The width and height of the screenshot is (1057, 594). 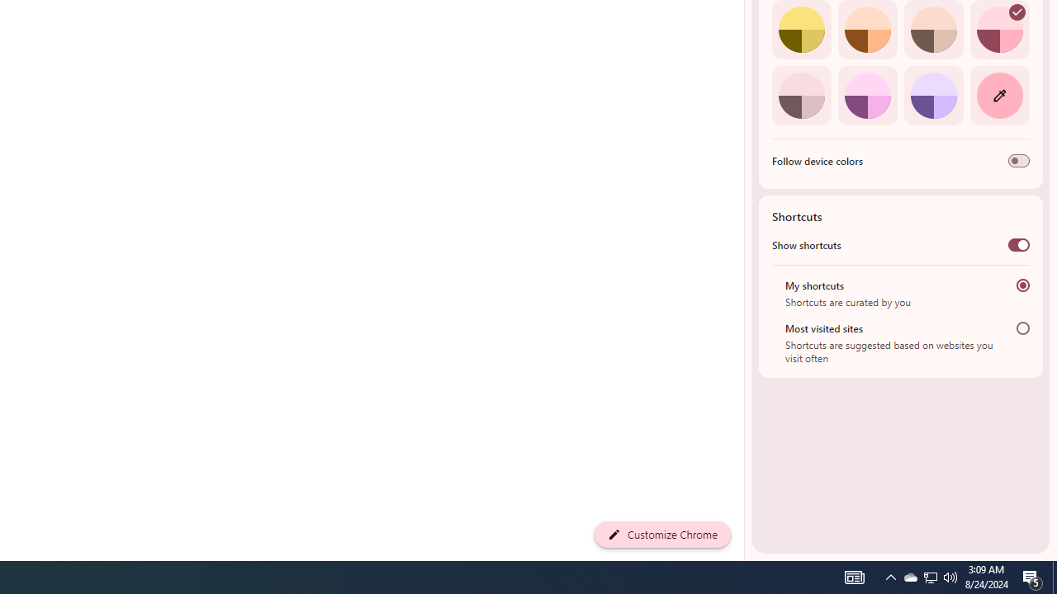 I want to click on 'Orange', so click(x=866, y=30).